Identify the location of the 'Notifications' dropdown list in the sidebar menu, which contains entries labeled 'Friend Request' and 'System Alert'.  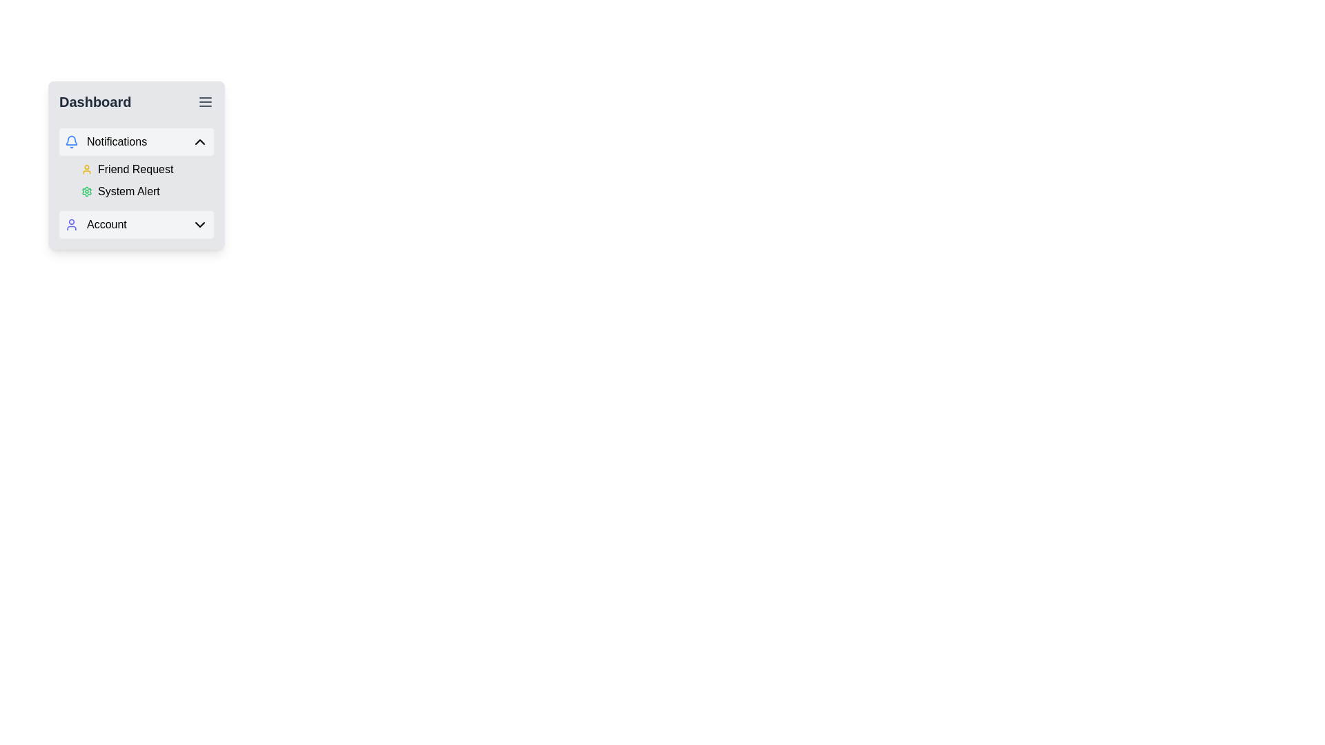
(136, 163).